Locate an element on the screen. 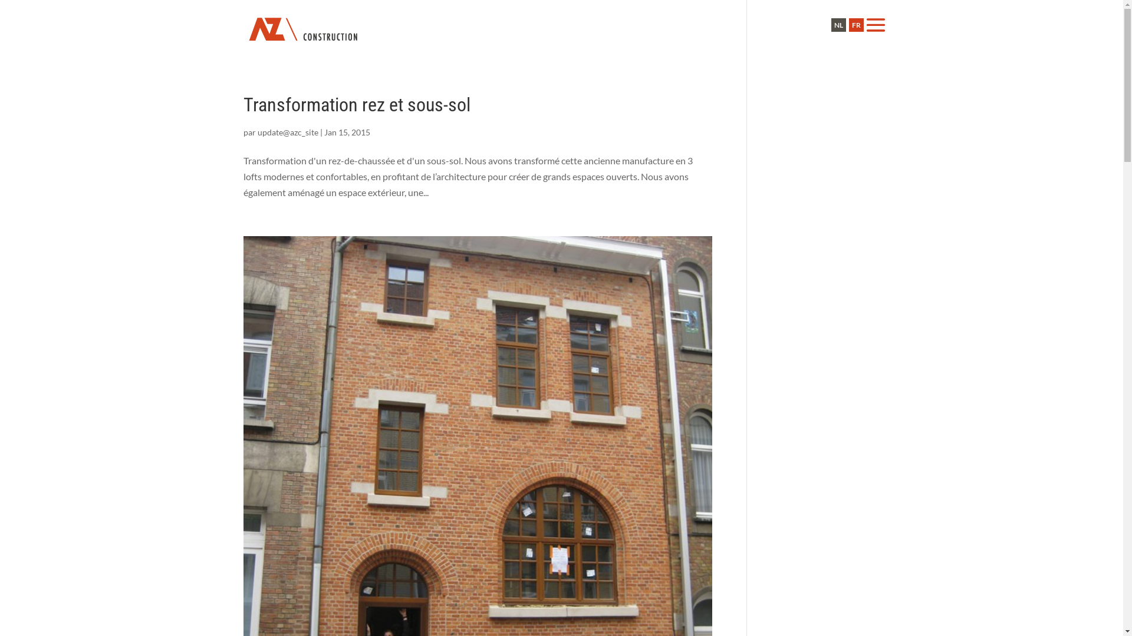 The image size is (1132, 636). 'NL' is located at coordinates (831, 25).